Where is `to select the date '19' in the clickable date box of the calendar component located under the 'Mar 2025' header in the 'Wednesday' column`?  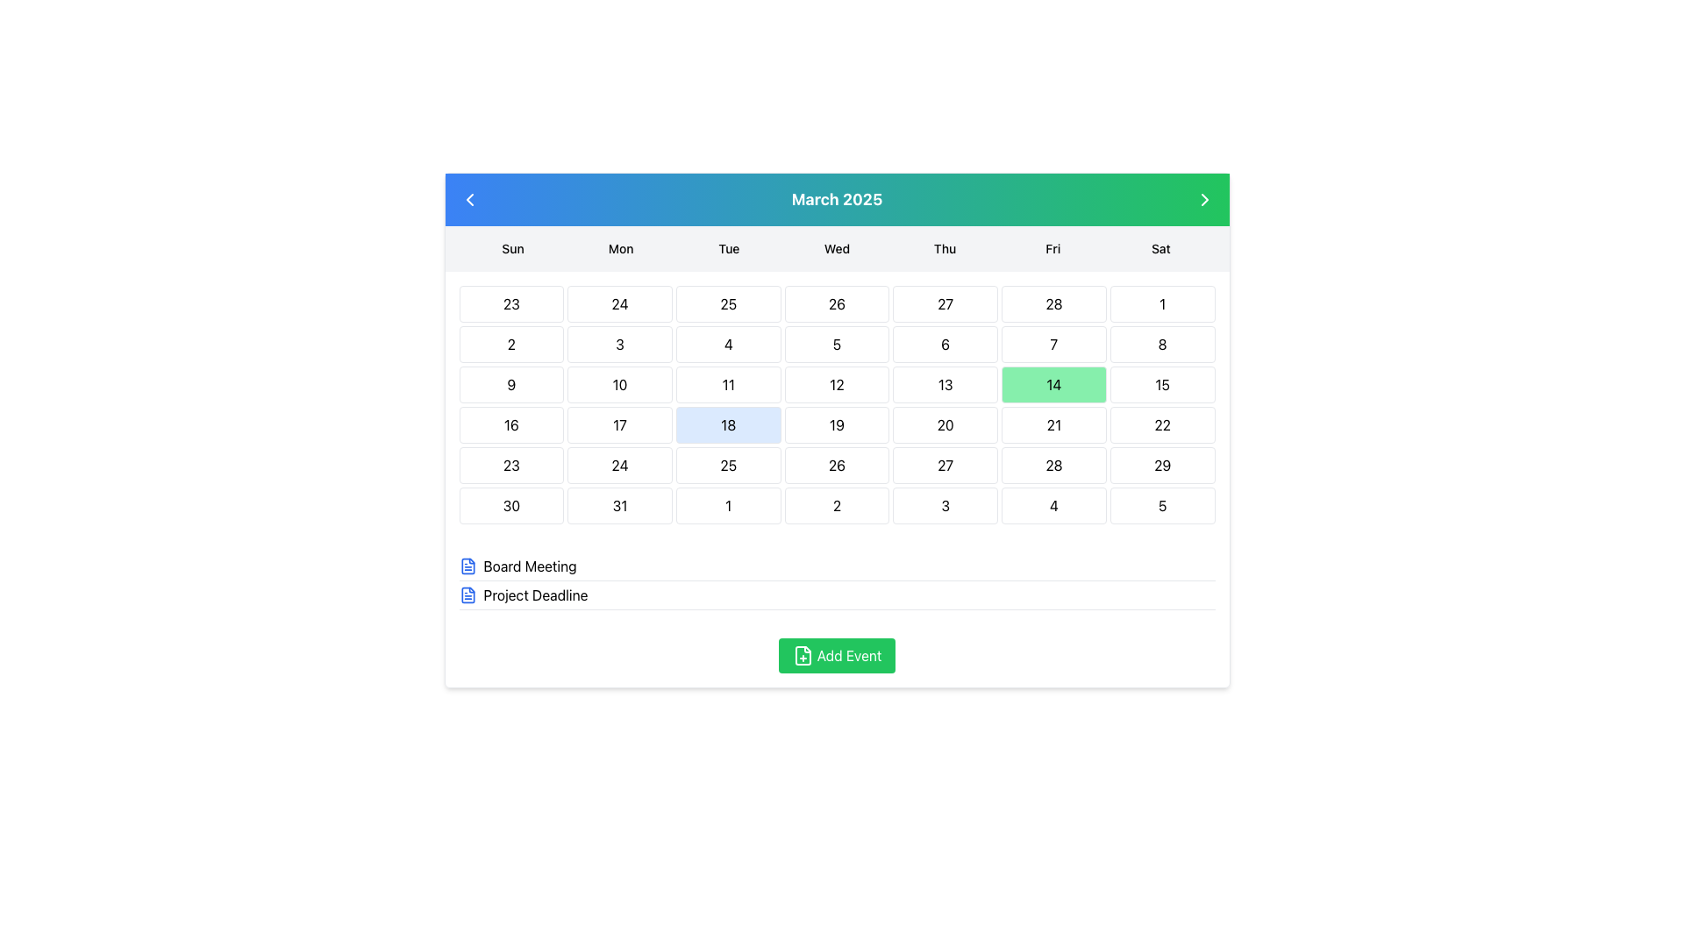 to select the date '19' in the clickable date box of the calendar component located under the 'Mar 2025' header in the 'Wednesday' column is located at coordinates (836, 425).